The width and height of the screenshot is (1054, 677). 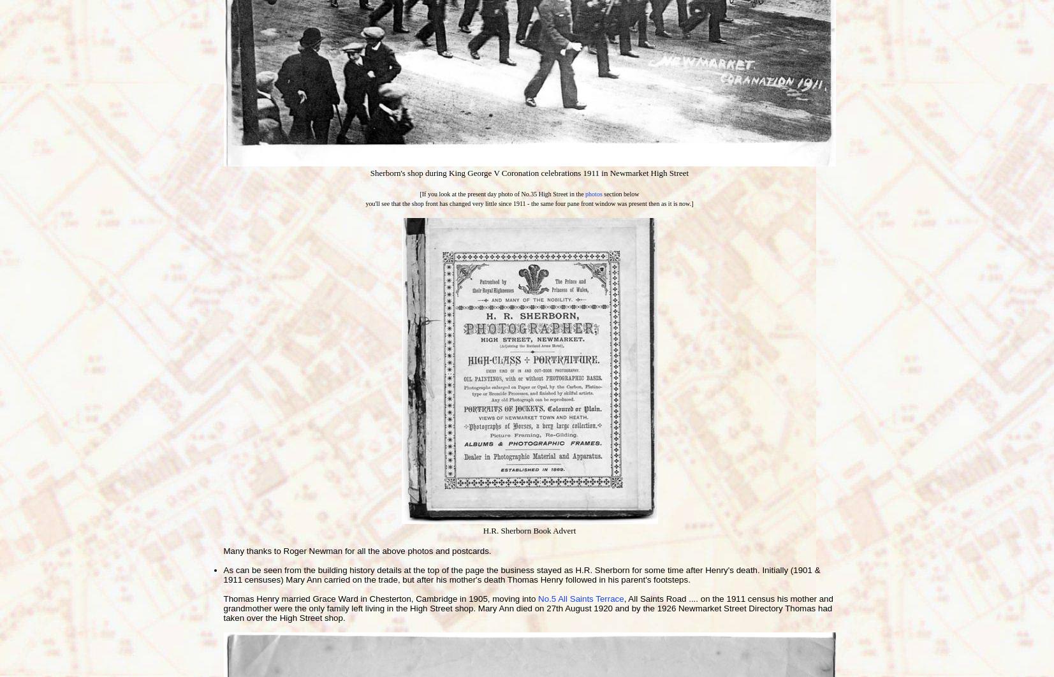 I want to click on 'photos', so click(x=593, y=193).